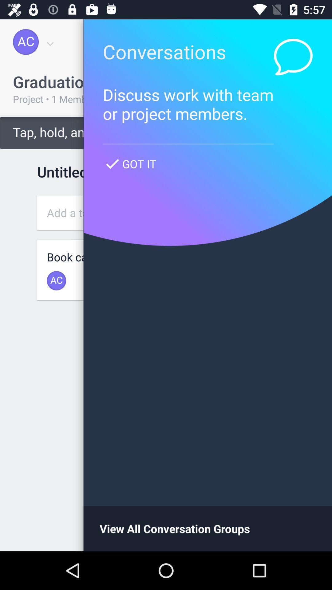 This screenshot has height=590, width=332. What do you see at coordinates (293, 57) in the screenshot?
I see `the conversation icon below 557` at bounding box center [293, 57].